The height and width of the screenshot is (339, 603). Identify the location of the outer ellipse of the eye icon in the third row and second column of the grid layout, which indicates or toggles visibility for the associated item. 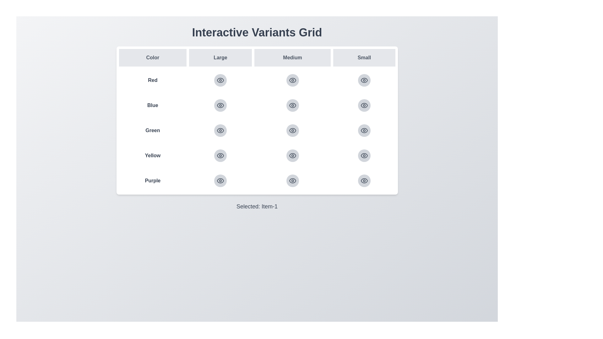
(292, 105).